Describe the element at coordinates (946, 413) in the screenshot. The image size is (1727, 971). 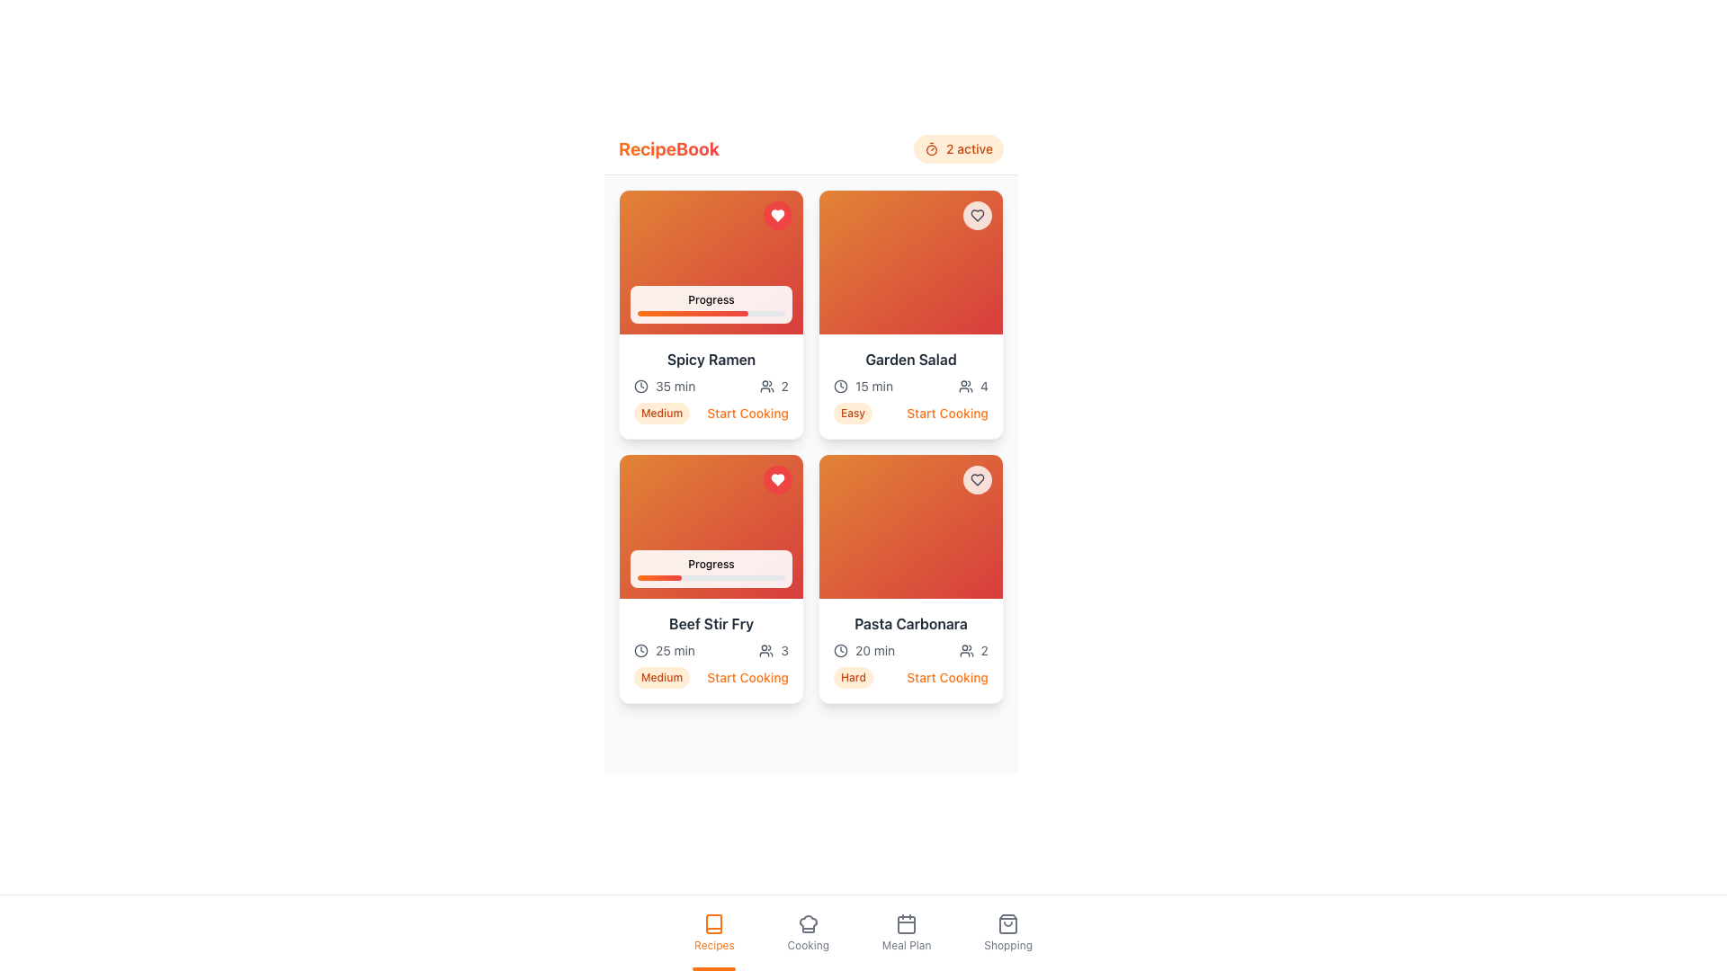
I see `the interactive button or link associated with the 'Garden Salad' recipe to visualize the hover effect` at that location.